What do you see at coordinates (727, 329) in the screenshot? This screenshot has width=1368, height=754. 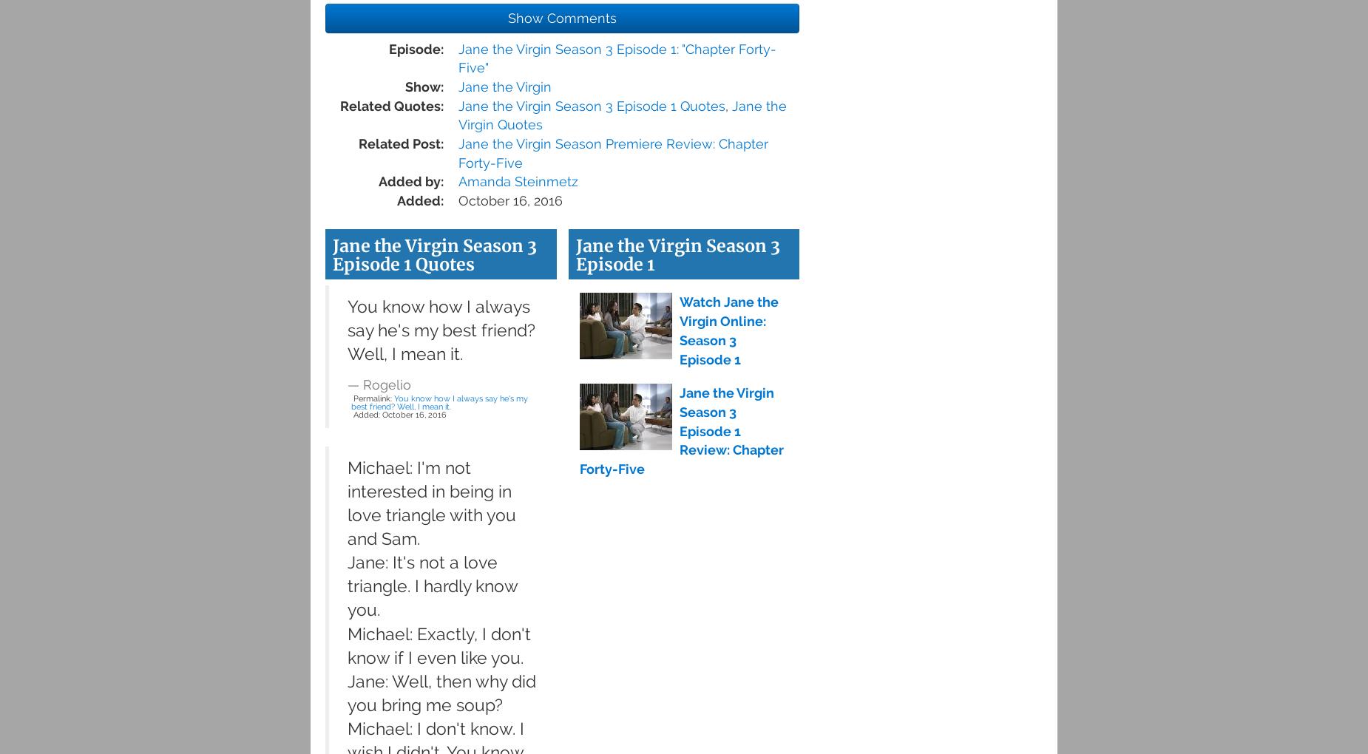 I see `'Watch Jane the Virgin Online: Season 3 Episode 1'` at bounding box center [727, 329].